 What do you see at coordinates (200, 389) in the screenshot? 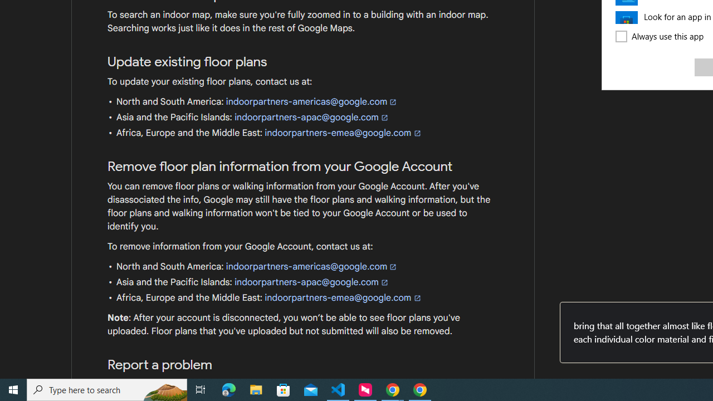
I see `'Task View'` at bounding box center [200, 389].